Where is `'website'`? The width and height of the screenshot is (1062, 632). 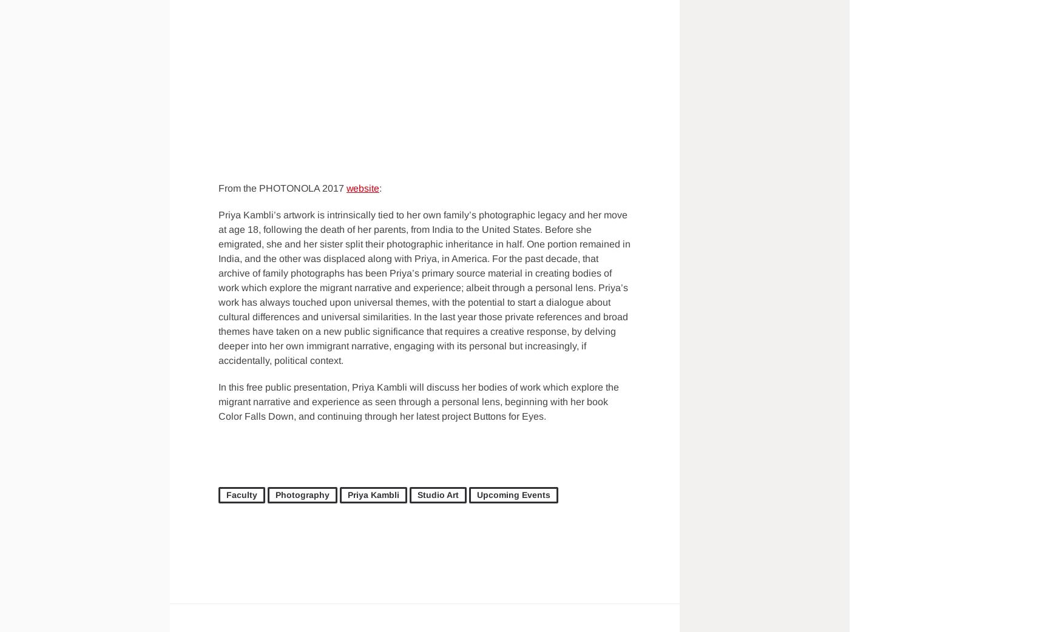 'website' is located at coordinates (363, 188).